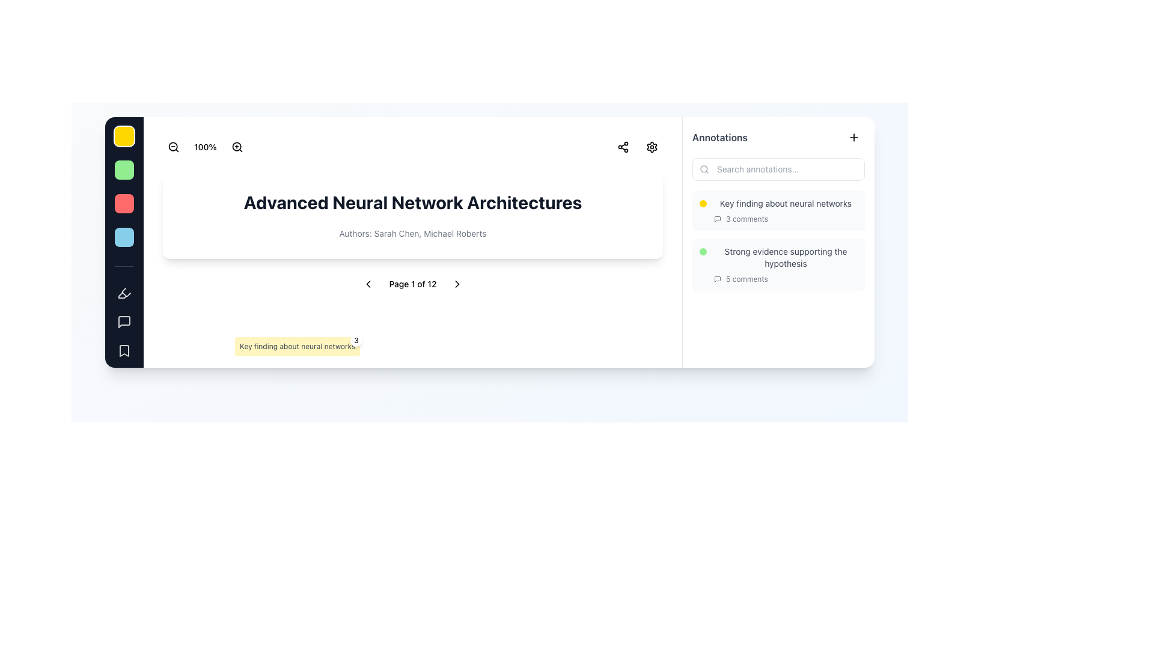 This screenshot has width=1154, height=649. What do you see at coordinates (853, 136) in the screenshot?
I see `the 'Add Annotation' button located in the top right corner of the 'Annotations' panel` at bounding box center [853, 136].